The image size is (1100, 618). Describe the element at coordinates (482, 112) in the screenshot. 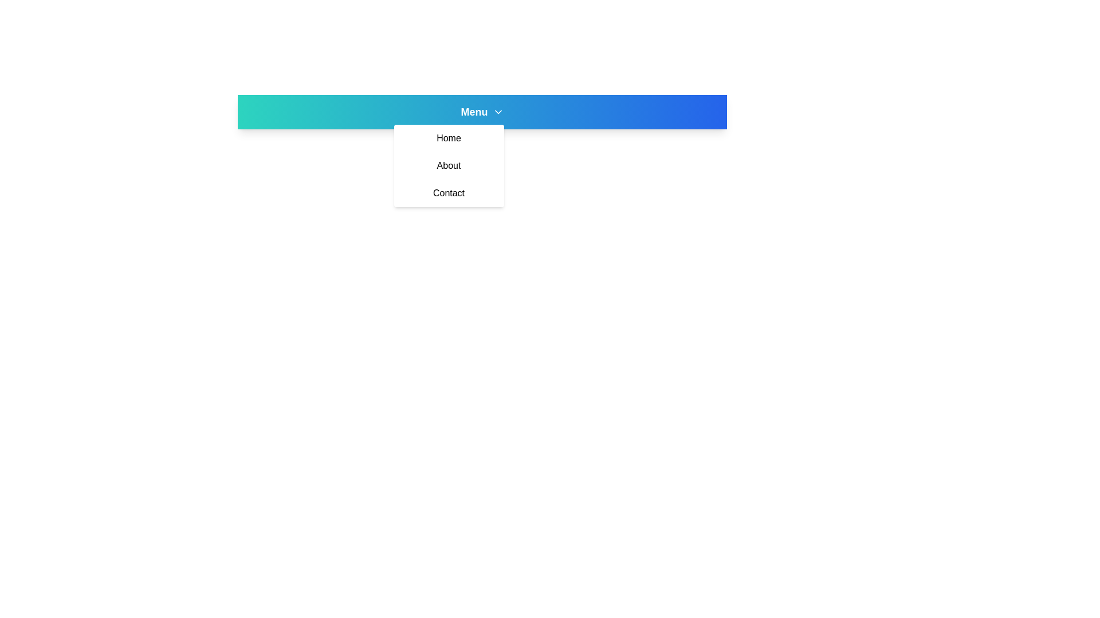

I see `the 'Menu' button to toggle the dropdown menu visibility` at that location.